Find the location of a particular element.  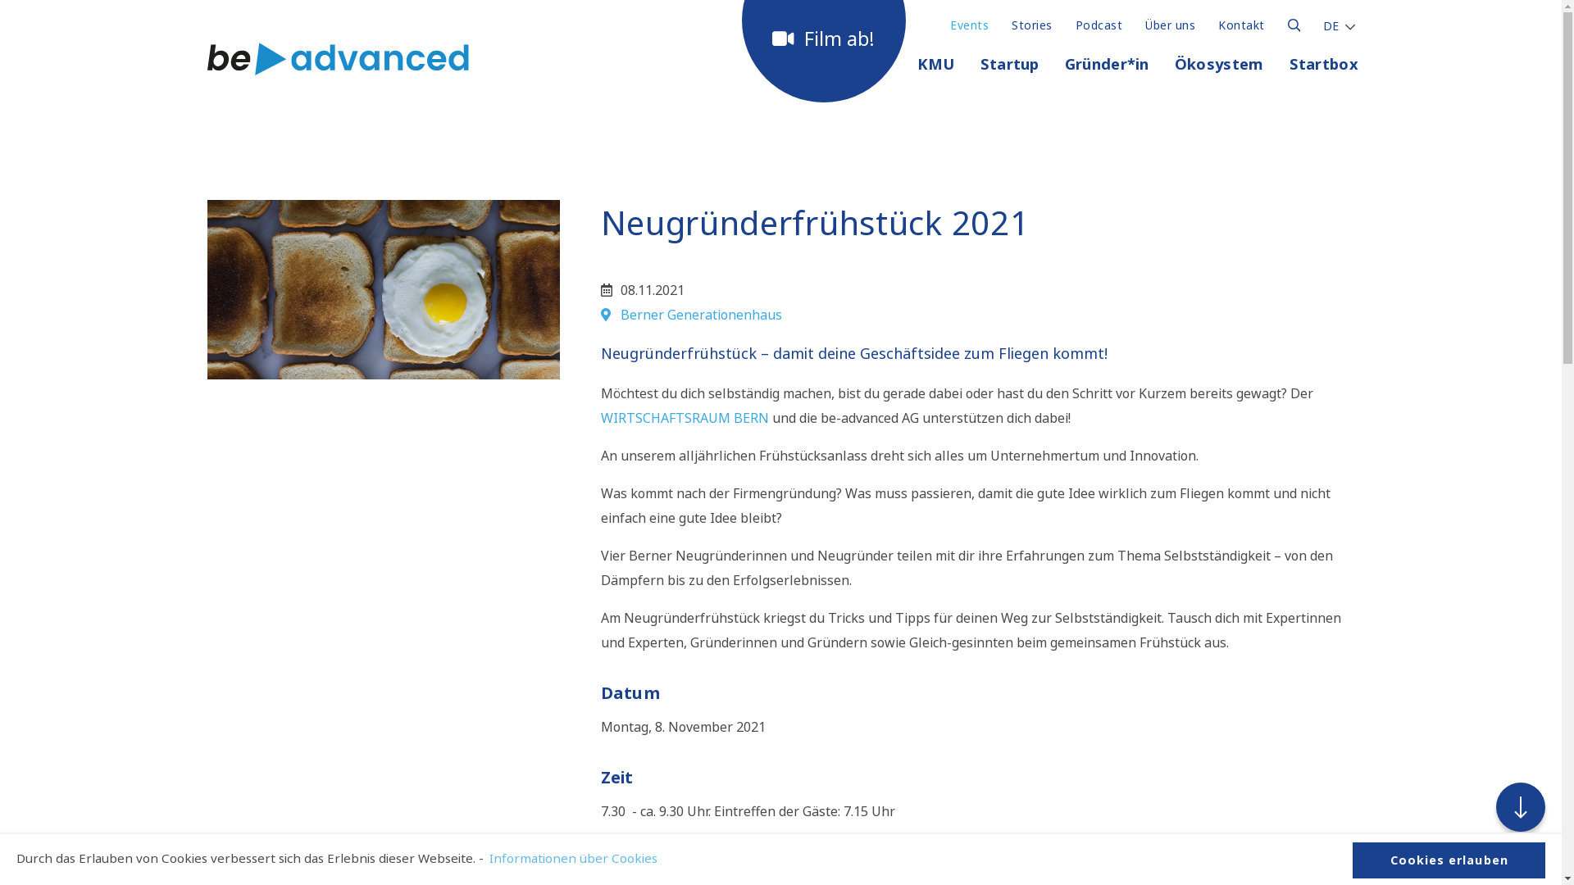

'Logo be-advanced AG' is located at coordinates (336, 58).